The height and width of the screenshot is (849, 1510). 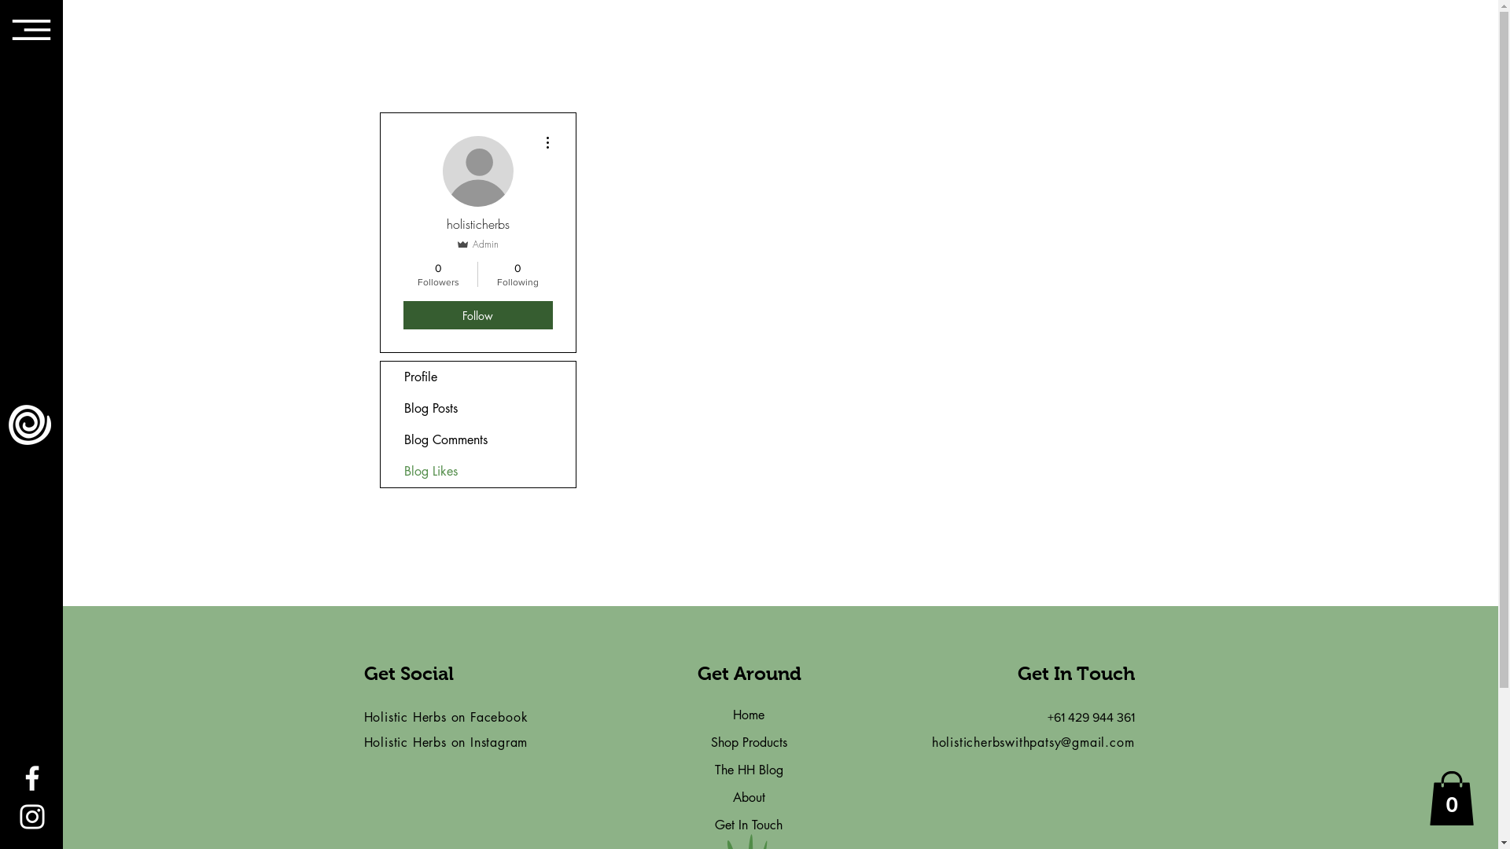 What do you see at coordinates (748, 769) in the screenshot?
I see `'The HH Blog'` at bounding box center [748, 769].